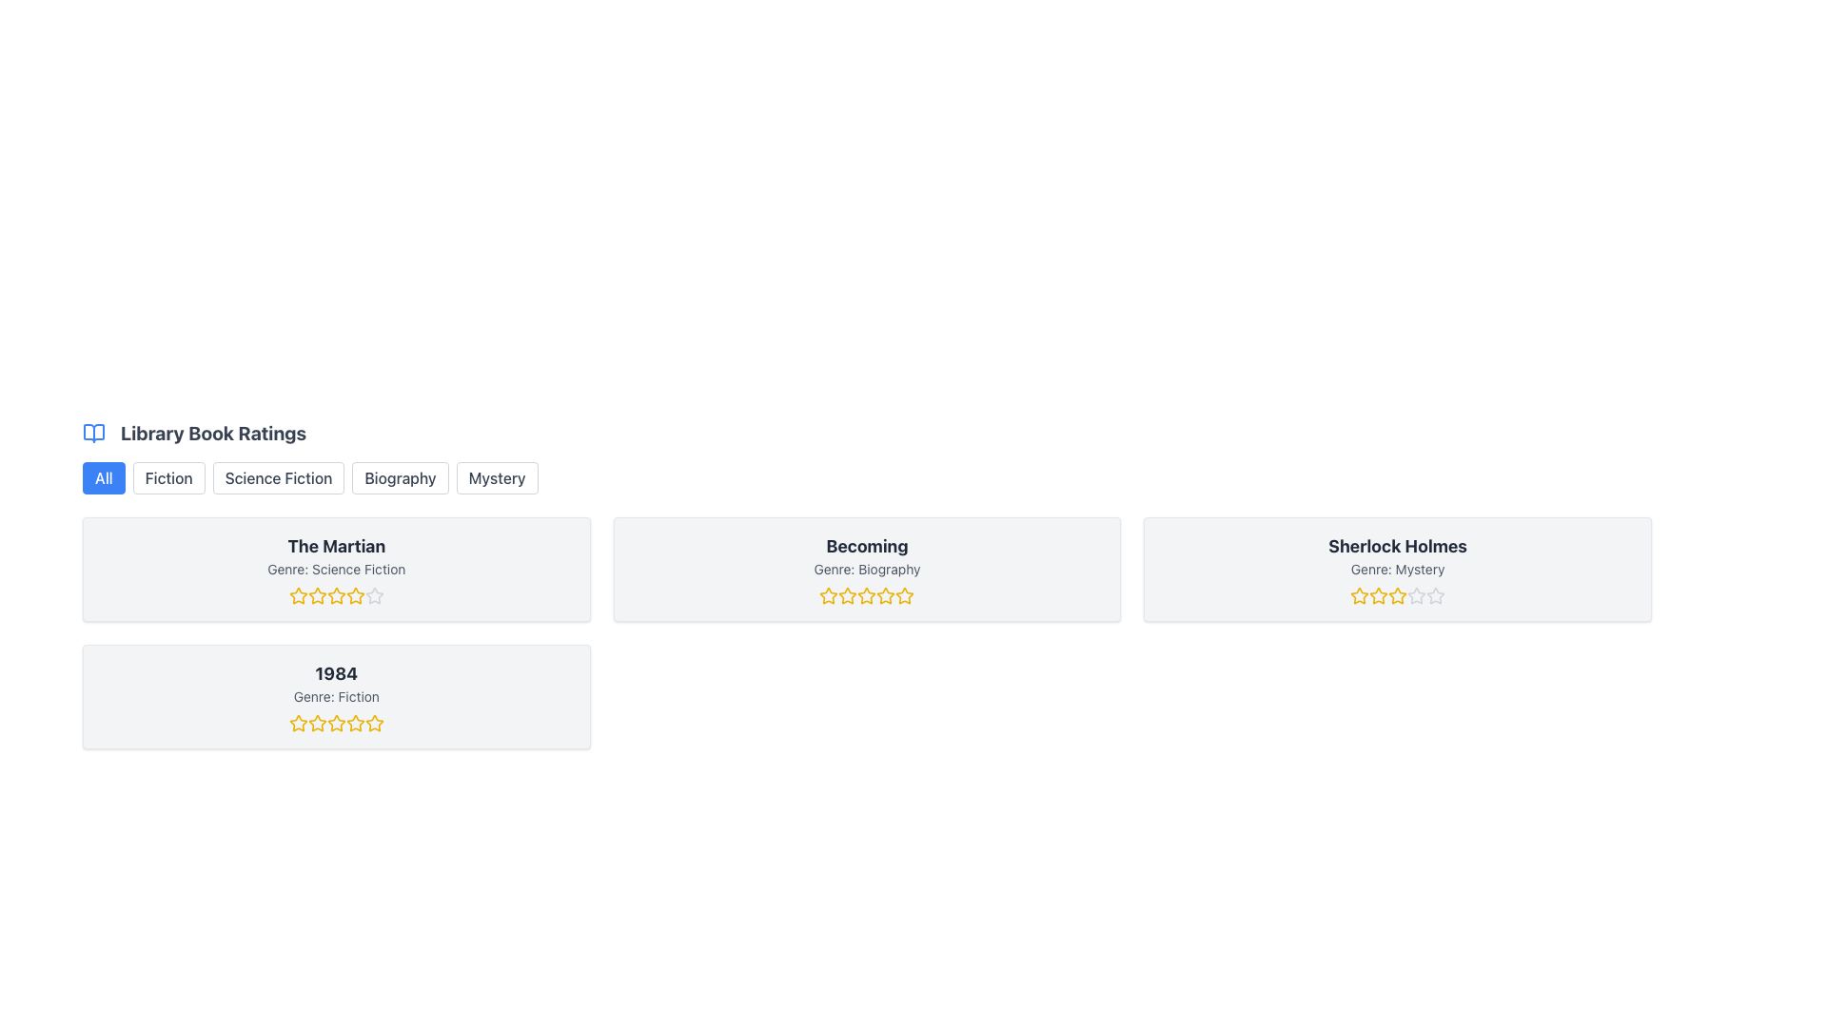 This screenshot has height=1027, width=1827. What do you see at coordinates (885, 595) in the screenshot?
I see `the fifth star icon in the rating interface for the book 'Becoming'` at bounding box center [885, 595].